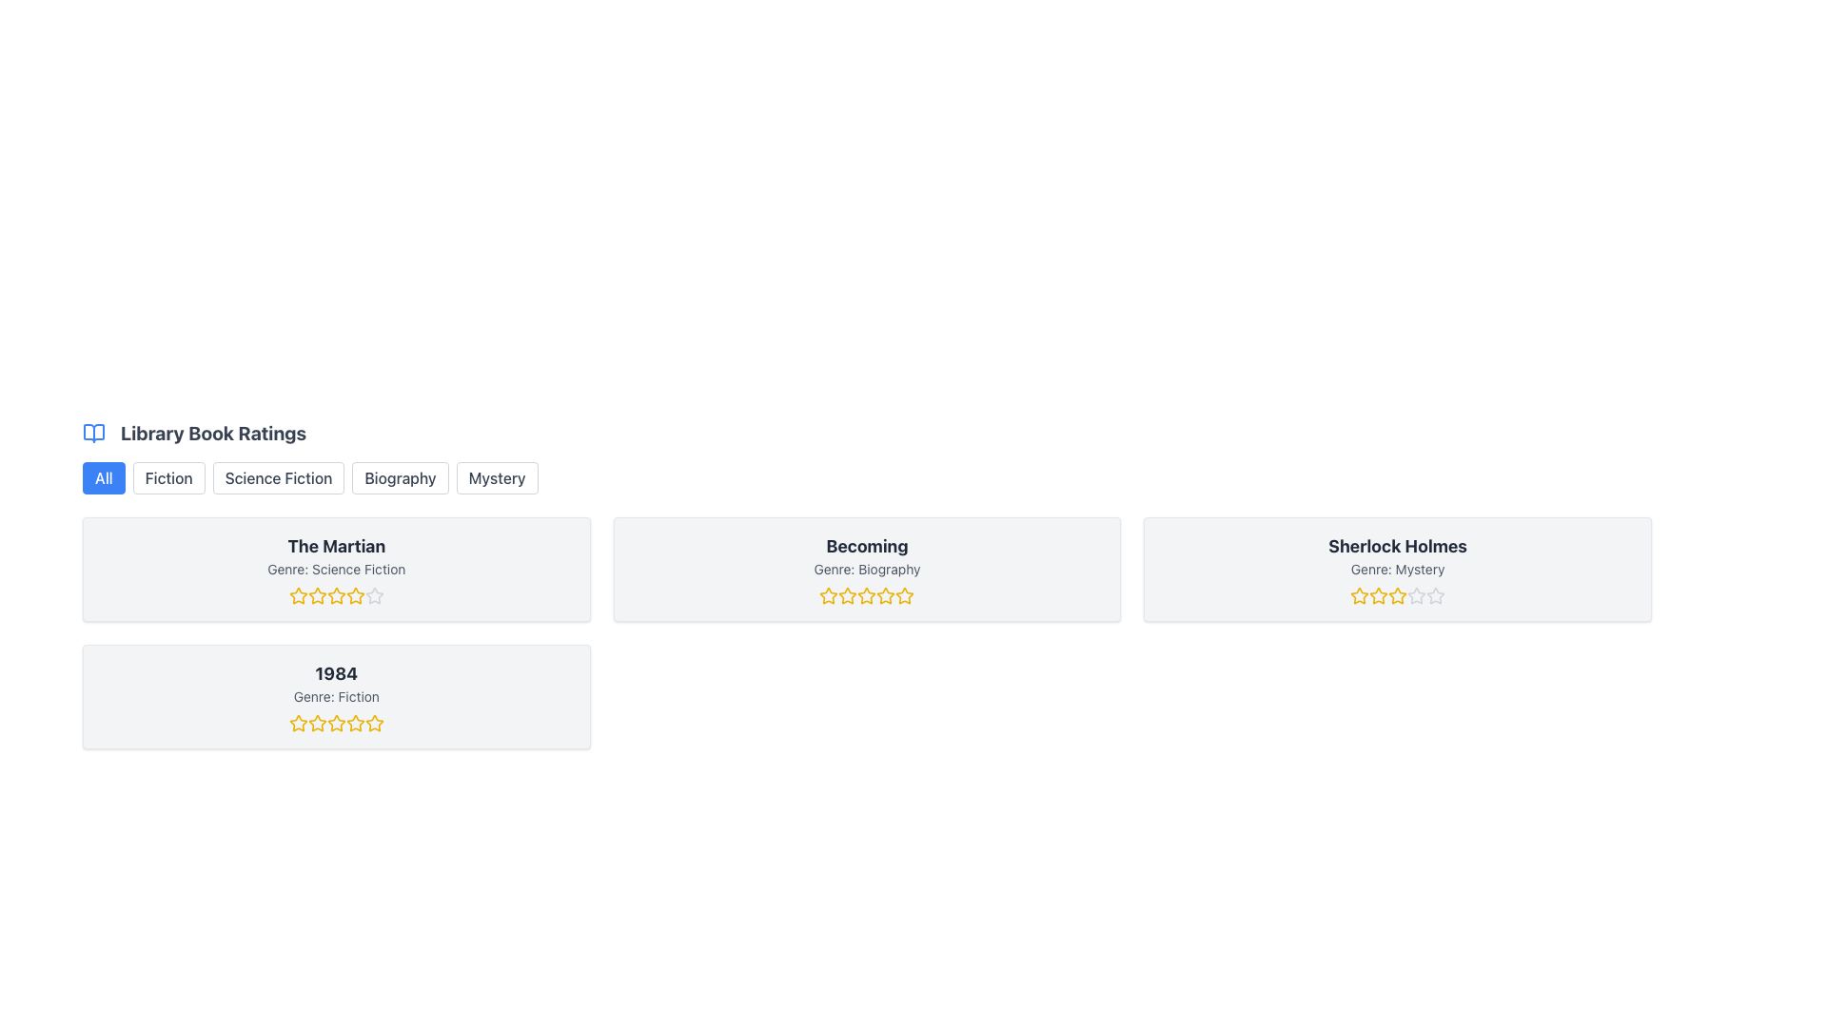 This screenshot has height=1027, width=1827. What do you see at coordinates (885, 595) in the screenshot?
I see `the fifth star icon in the rating interface for the book 'Becoming'` at bounding box center [885, 595].